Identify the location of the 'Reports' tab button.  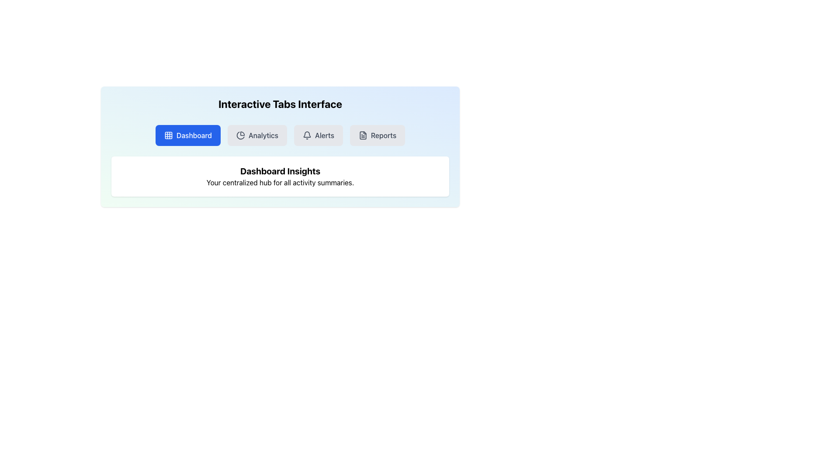
(363, 135).